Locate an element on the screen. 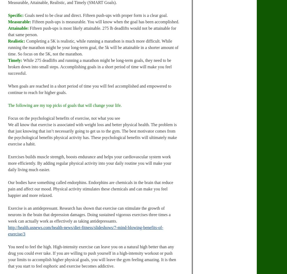  'Our bodies have something called endorphins. Endorphins are chemicals in the brain that reduce pain and affect our mood. Physical activity stimulates these chemicals and can make you feel happier and more relaxed.' is located at coordinates (90, 189).